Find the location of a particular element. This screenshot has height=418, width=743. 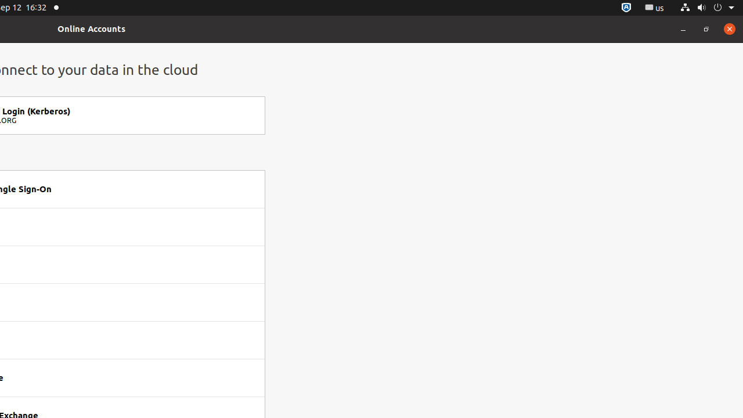

'Close' is located at coordinates (728, 28).